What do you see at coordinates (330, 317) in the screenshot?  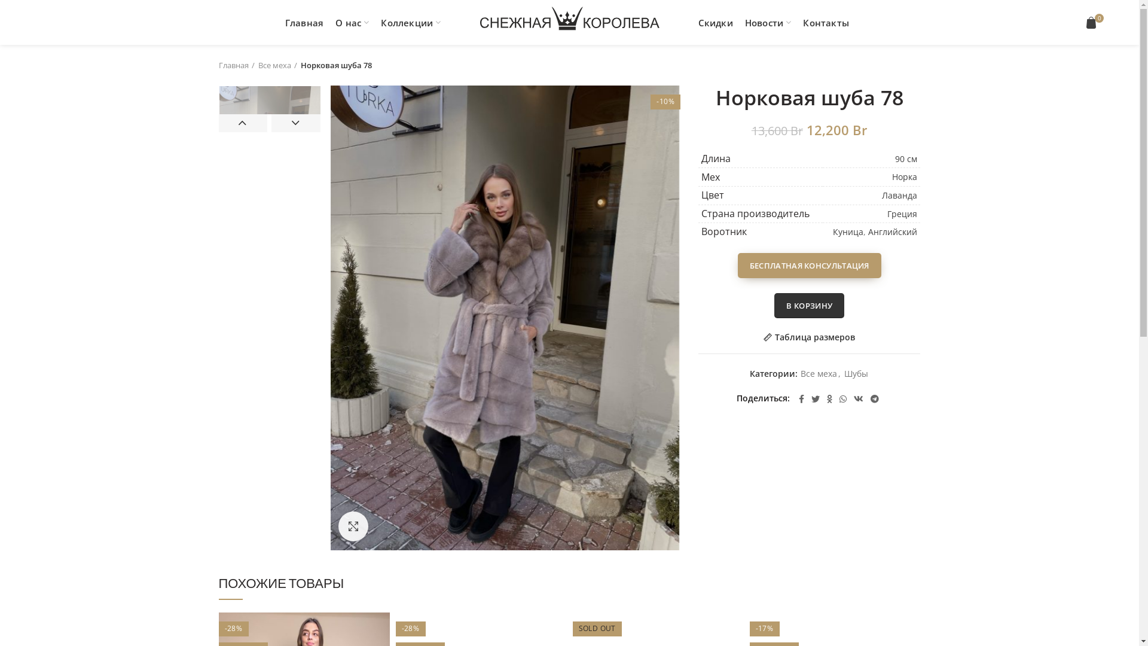 I see `'IMG_6555-min'` at bounding box center [330, 317].